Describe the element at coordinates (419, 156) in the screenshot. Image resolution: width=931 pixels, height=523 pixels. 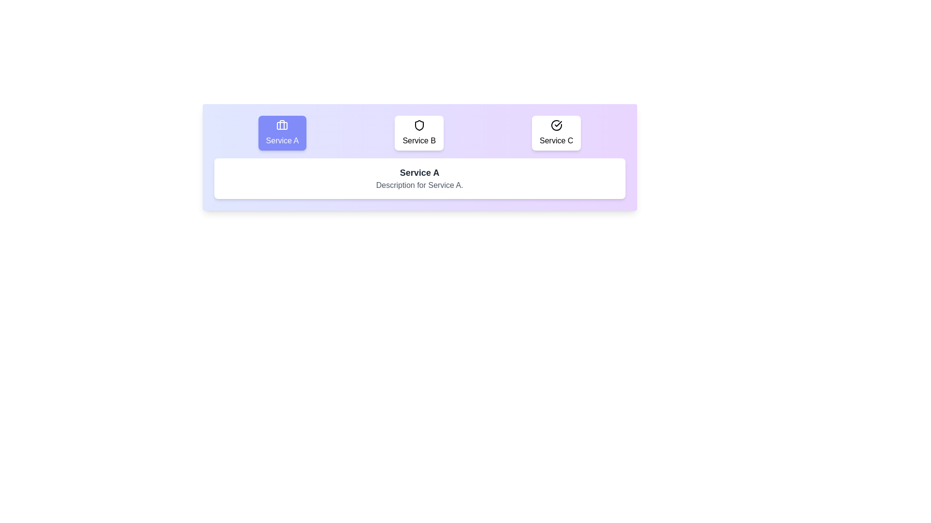
I see `the service card in the interactive panel` at that location.